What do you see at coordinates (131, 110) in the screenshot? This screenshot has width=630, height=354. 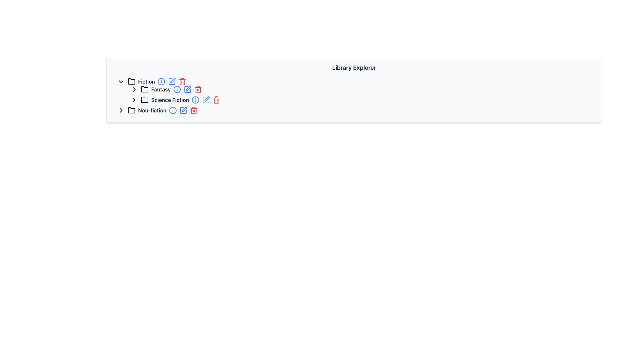 I see `the folder icon located next to the 'Non-fiction' label in the hierarchical list interface` at bounding box center [131, 110].